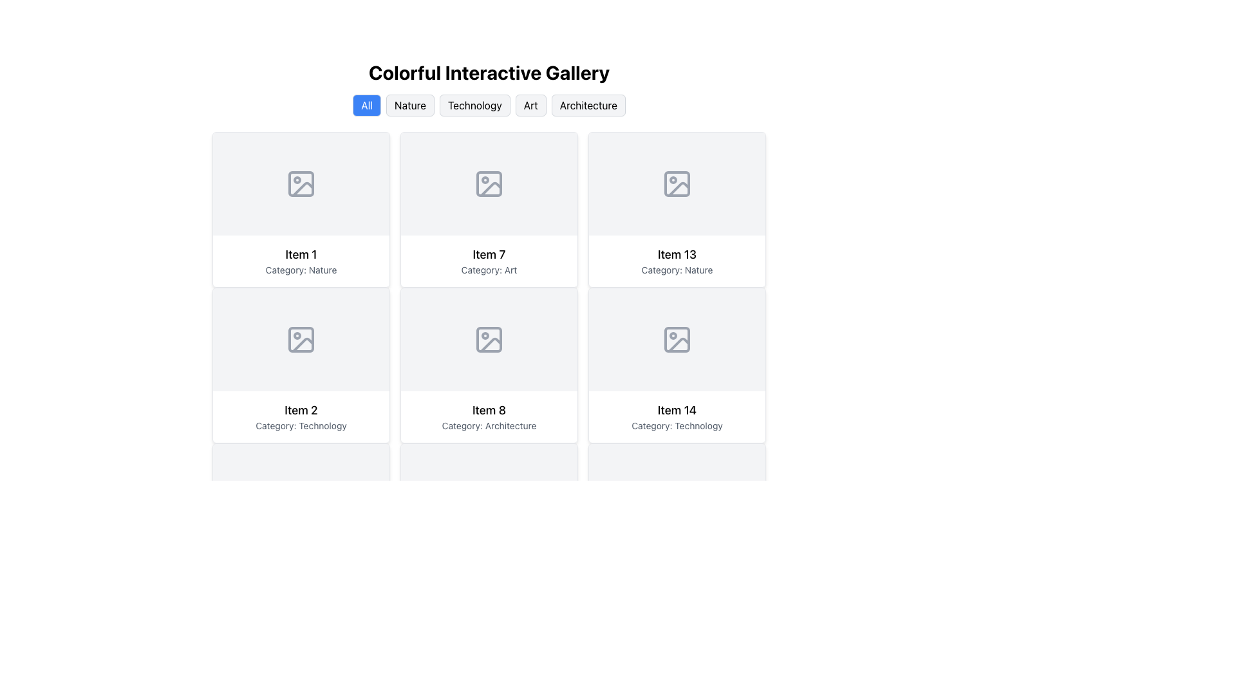 The width and height of the screenshot is (1236, 695). Describe the element at coordinates (300, 417) in the screenshot. I see `the Text Block displaying 'Item 2' and 'Category: Technology', located in the second column and second row of the grid layout` at that location.